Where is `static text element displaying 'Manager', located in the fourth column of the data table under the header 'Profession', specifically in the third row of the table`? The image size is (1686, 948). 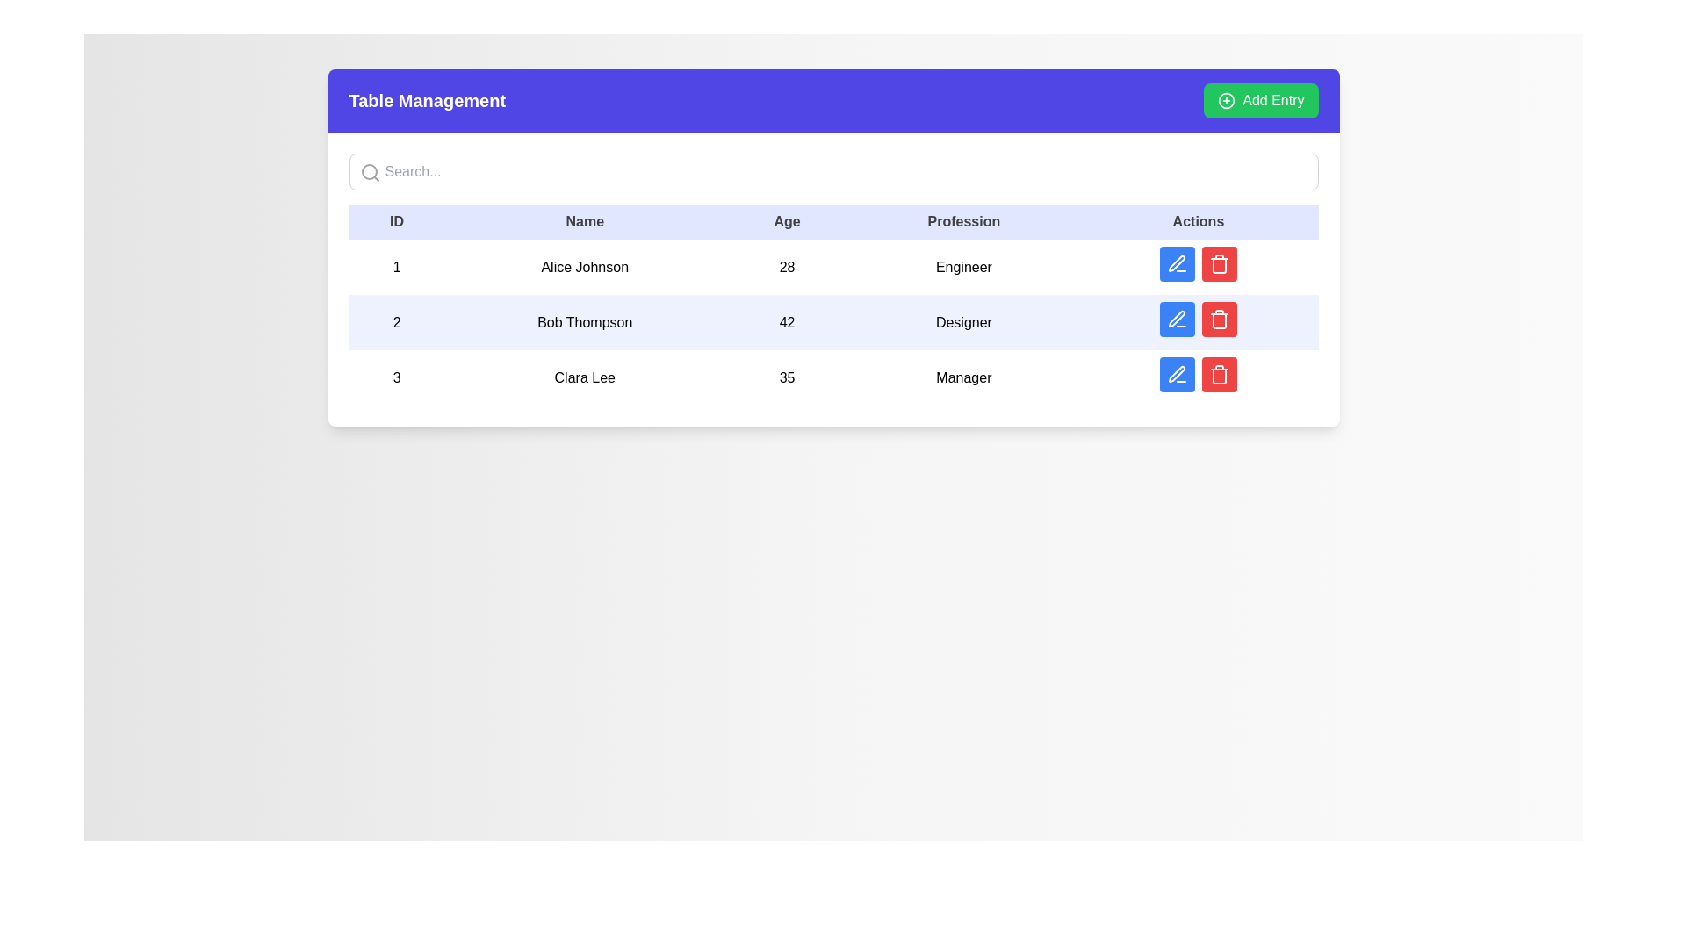
static text element displaying 'Manager', located in the fourth column of the data table under the header 'Profession', specifically in the third row of the table is located at coordinates (962, 377).